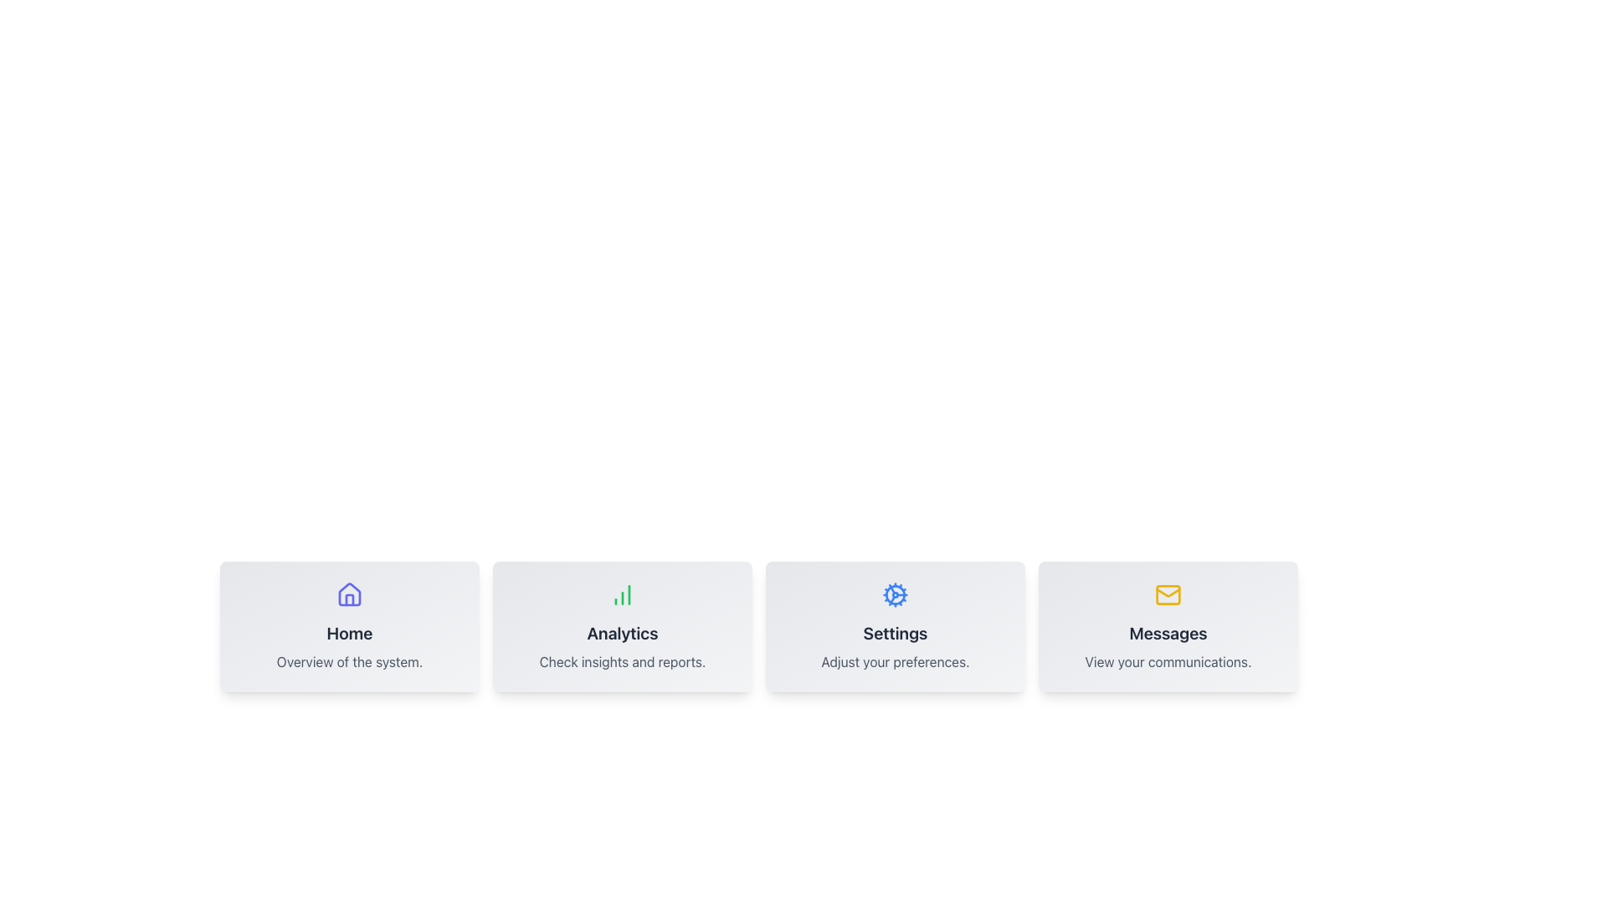 Image resolution: width=1607 pixels, height=904 pixels. Describe the element at coordinates (1168, 626) in the screenshot. I see `the fourth card in the grid layout` at that location.